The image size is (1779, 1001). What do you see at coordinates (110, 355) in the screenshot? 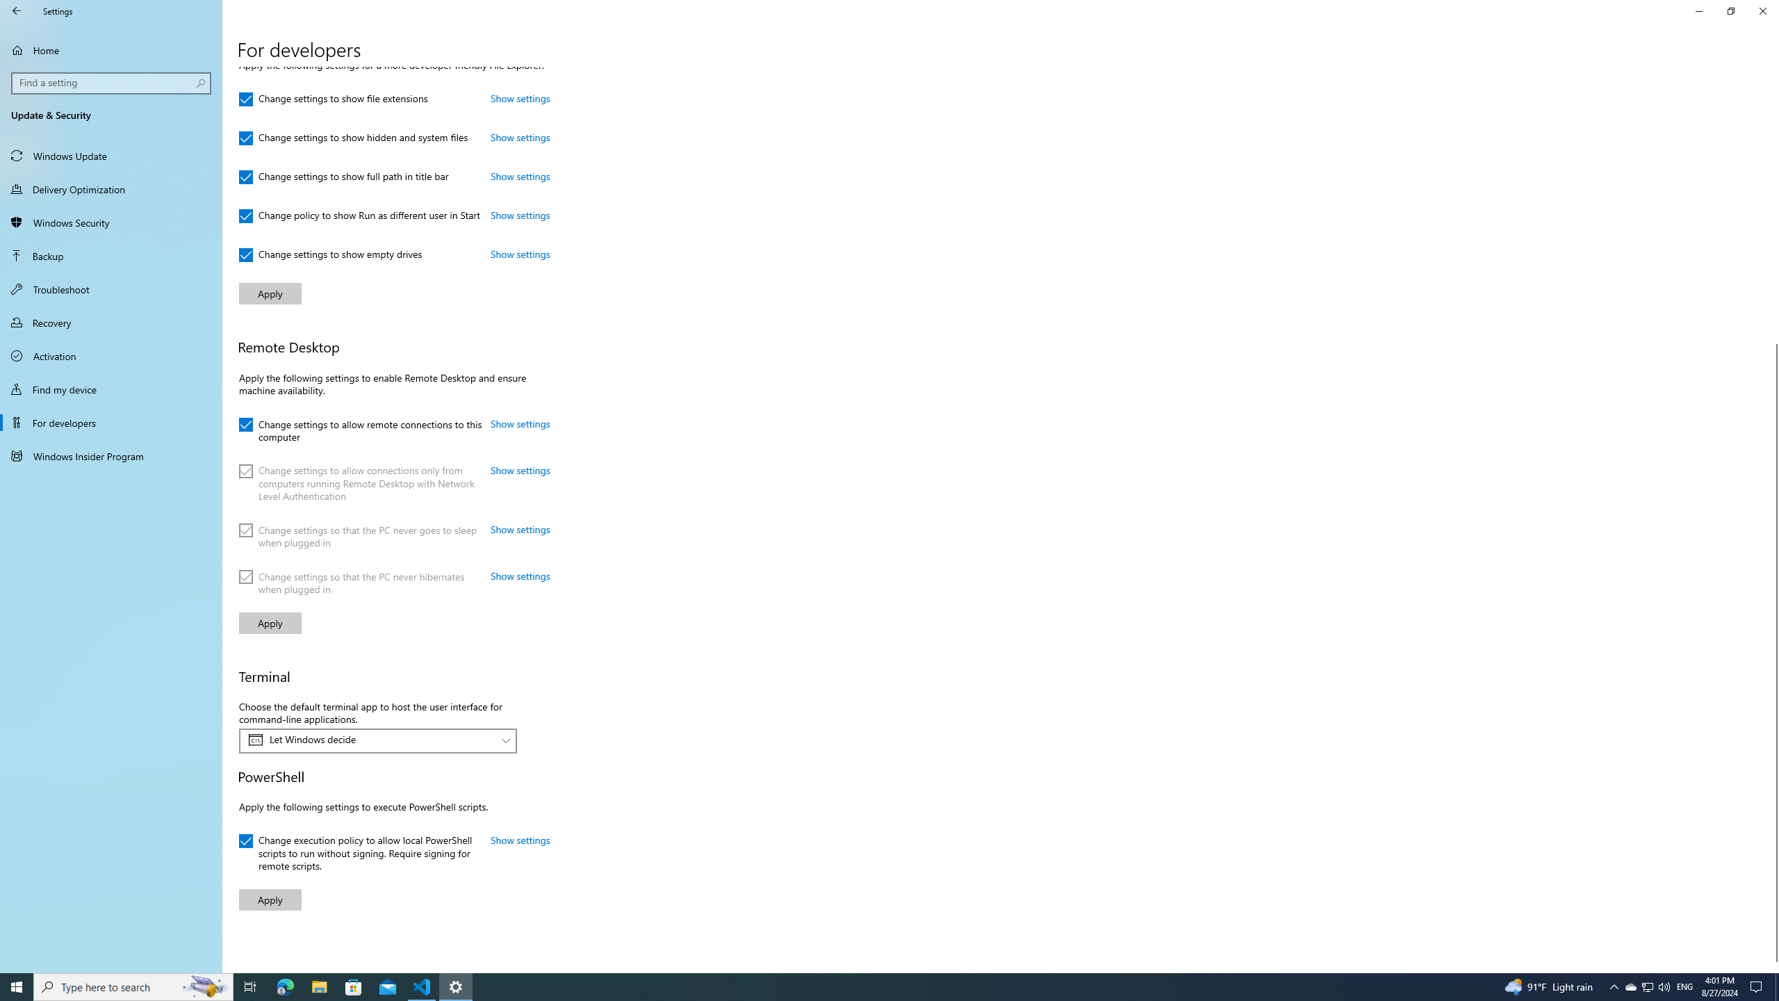
I see `'Activation'` at bounding box center [110, 355].